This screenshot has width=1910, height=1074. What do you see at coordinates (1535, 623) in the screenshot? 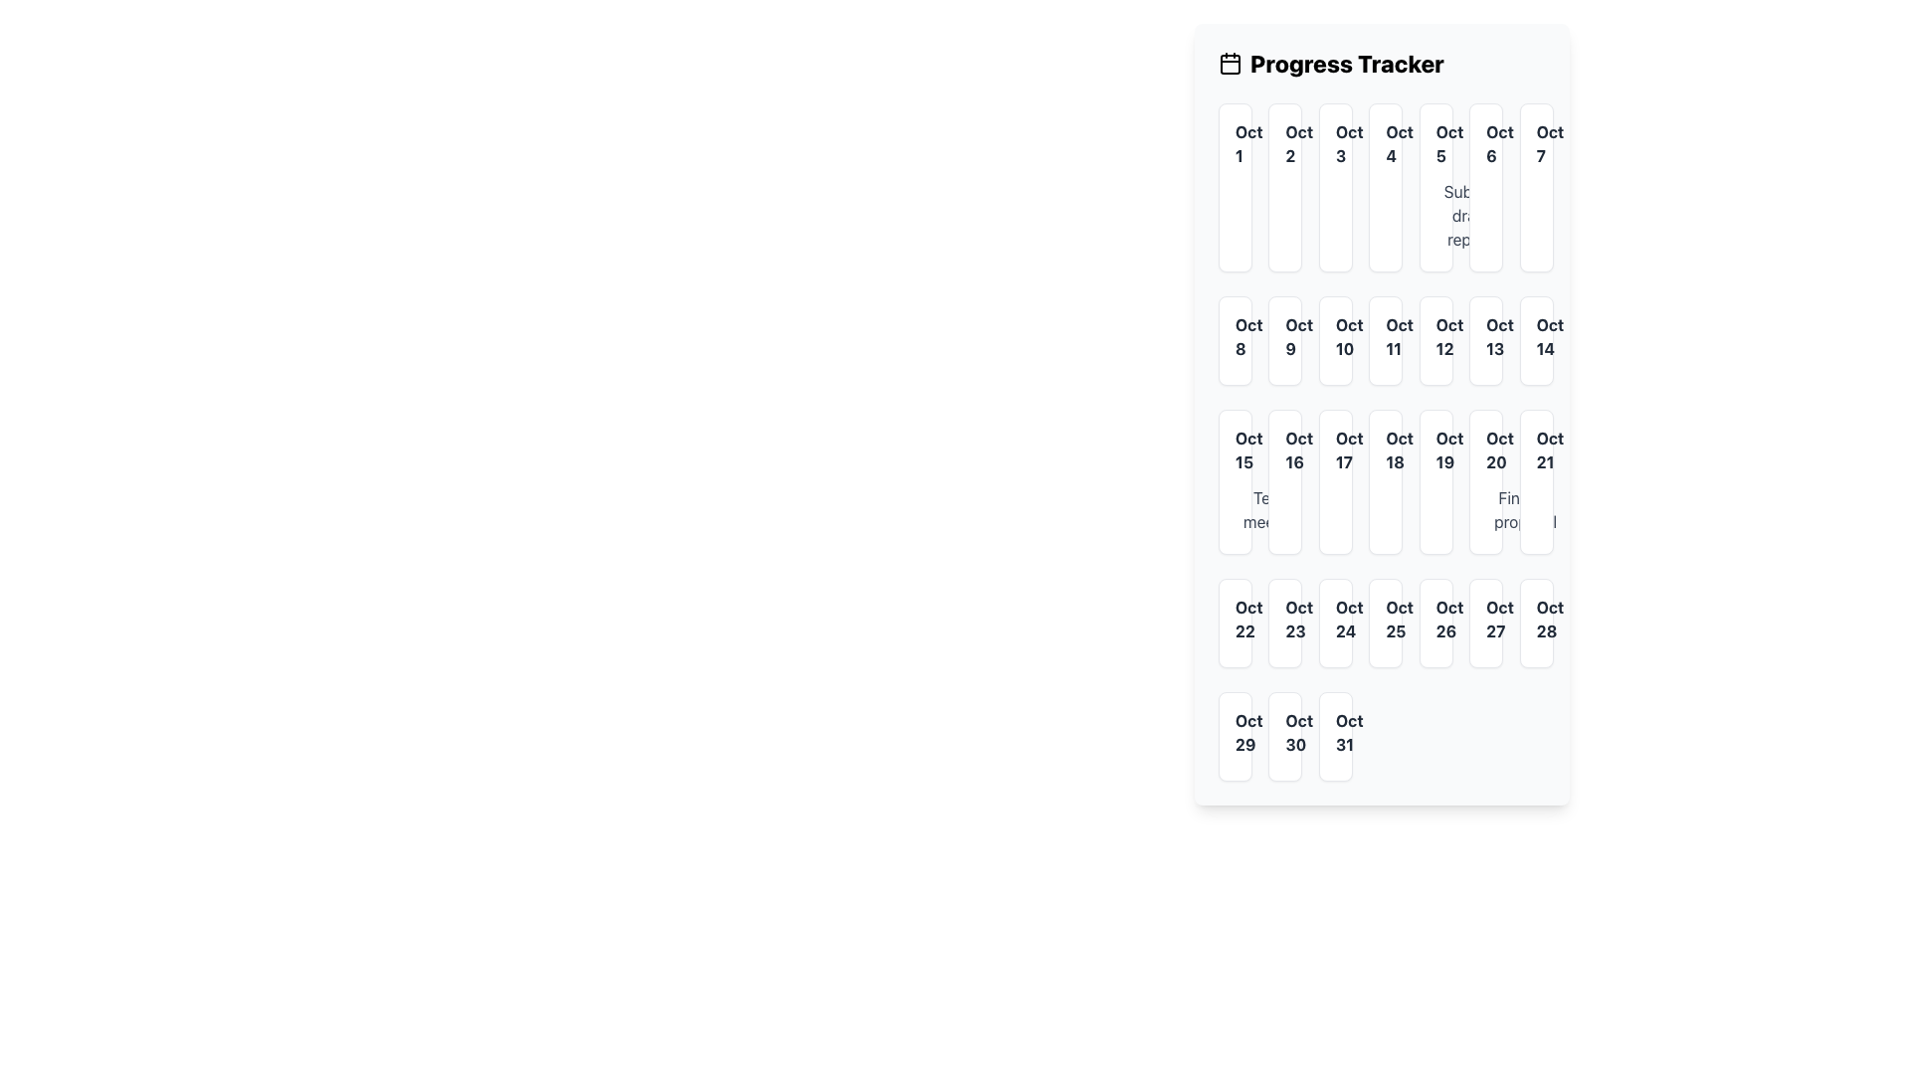
I see `details related to the calendar date represented by the static text box displaying 'Oct 28', located in the seventh column and fifth row of the calendar grid` at bounding box center [1535, 623].